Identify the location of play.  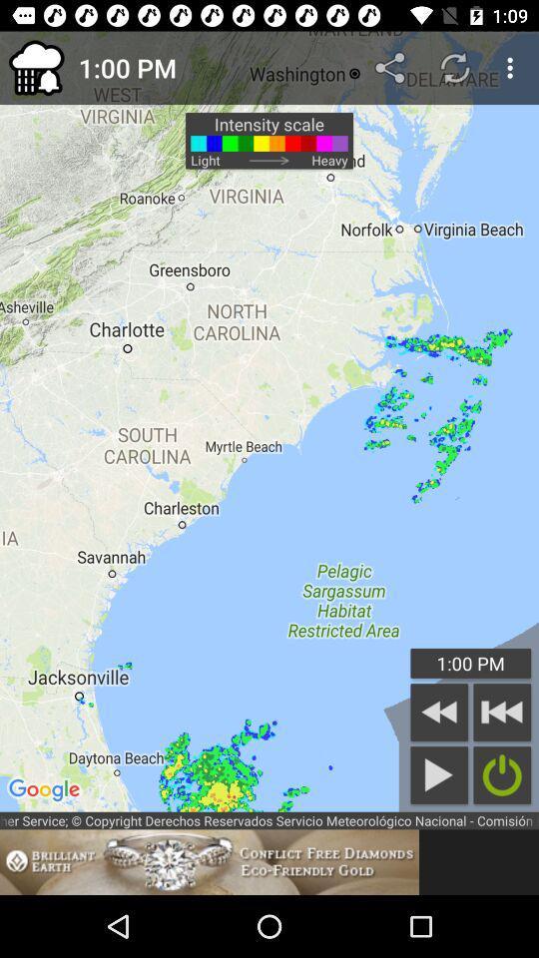
(439, 774).